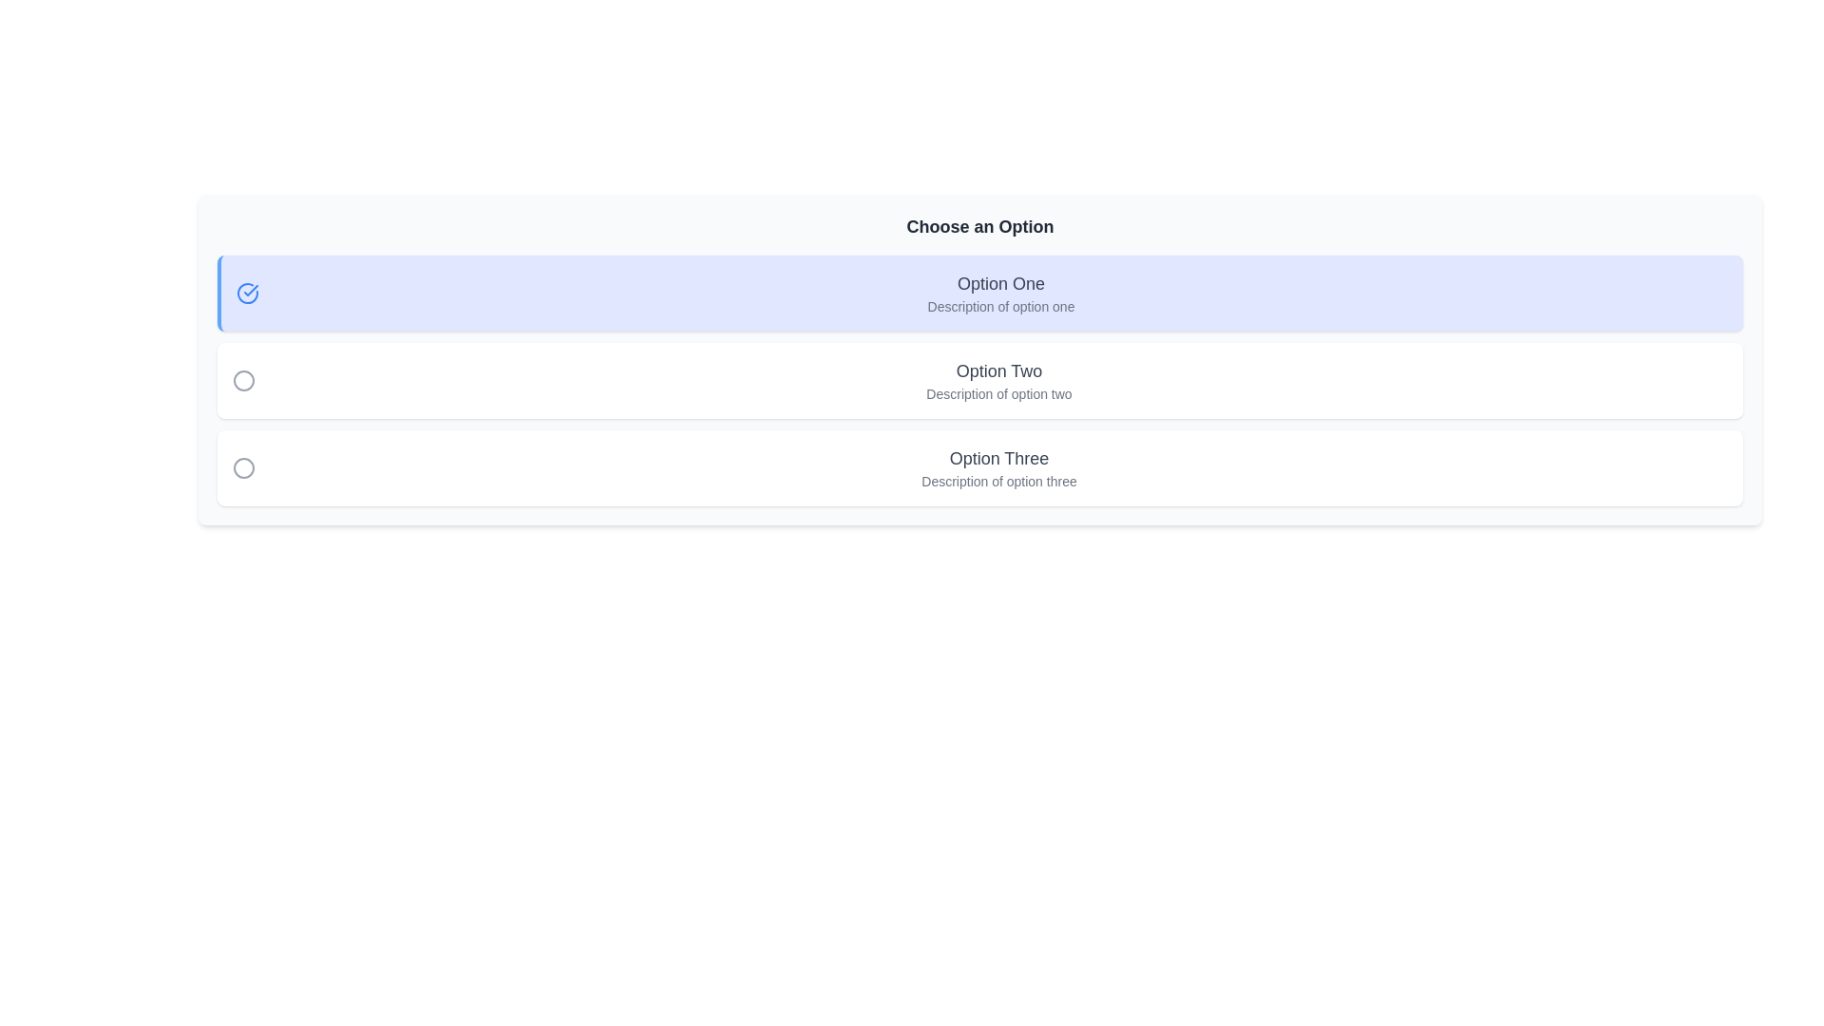 This screenshot has height=1026, width=1824. Describe the element at coordinates (997, 468) in the screenshot. I see `the third selectable option labeled 'Option Three' in the vertical choice list` at that location.